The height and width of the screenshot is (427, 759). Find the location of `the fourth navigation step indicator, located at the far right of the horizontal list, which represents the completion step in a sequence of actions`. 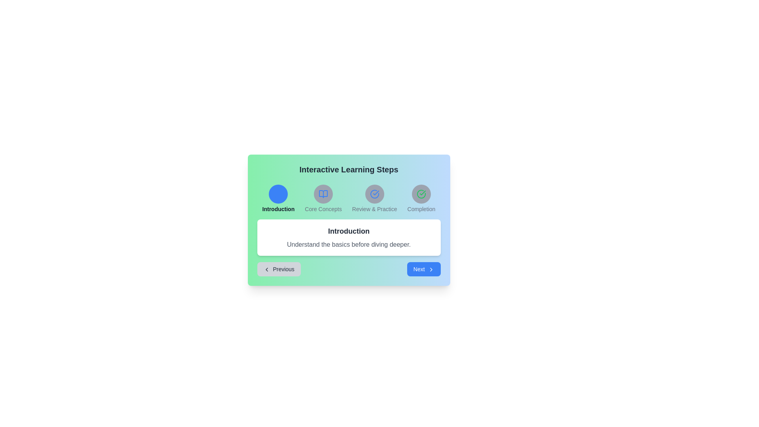

the fourth navigation step indicator, located at the far right of the horizontal list, which represents the completion step in a sequence of actions is located at coordinates (421, 198).